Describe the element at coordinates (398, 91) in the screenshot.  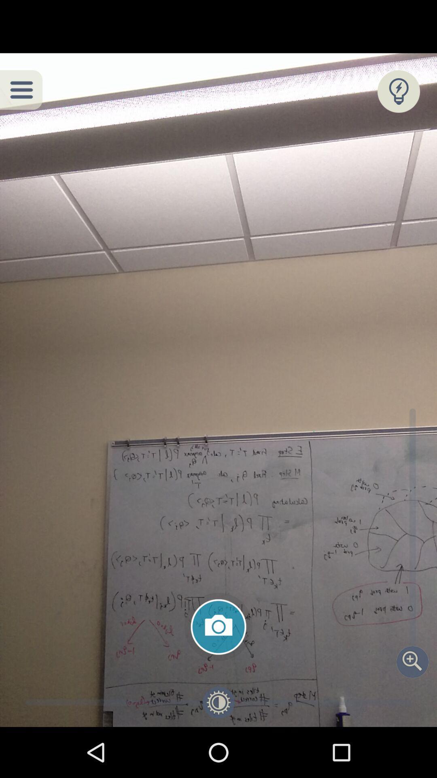
I see `the help icon` at that location.